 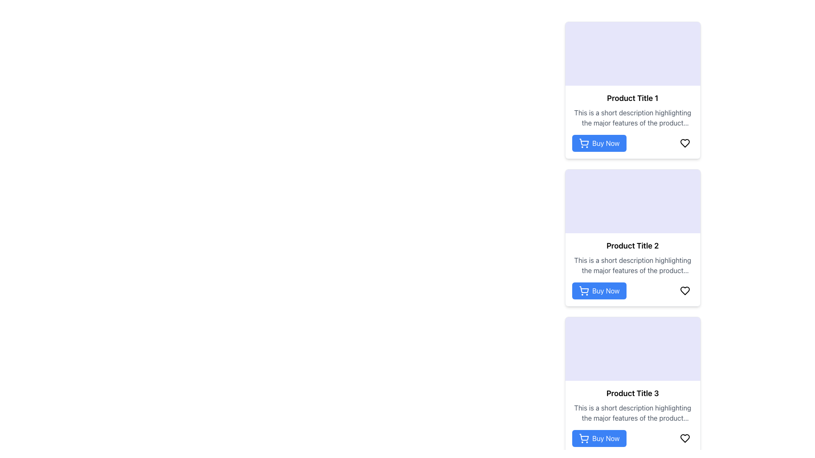 What do you see at coordinates (685, 290) in the screenshot?
I see `the 'favorite' button located on the right side of the 'Buy Now' button for 'Product Title 2'` at bounding box center [685, 290].